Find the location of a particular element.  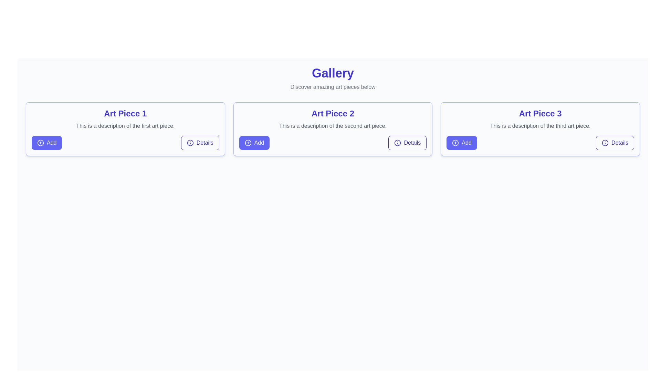

the information icon with a circular border and a dot in the center, located to the left of the 'Details' text inside the button on the right side of the first art piece description card is located at coordinates (190, 143).